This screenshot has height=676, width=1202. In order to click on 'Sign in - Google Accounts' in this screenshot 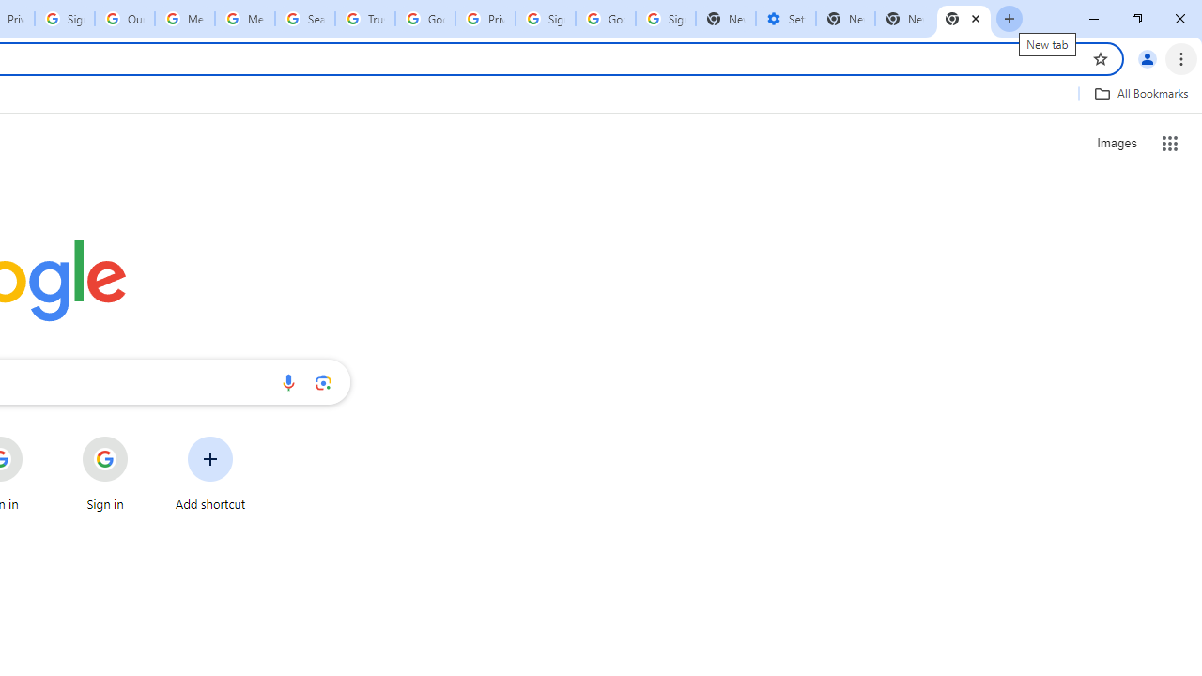, I will do `click(545, 19)`.